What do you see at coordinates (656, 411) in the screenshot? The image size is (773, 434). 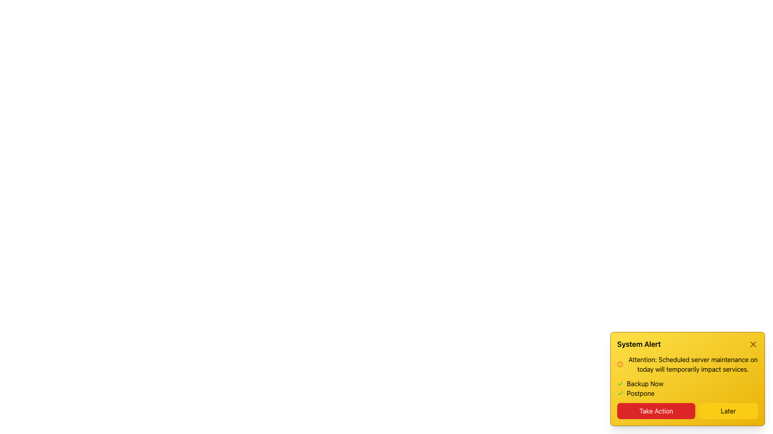 I see `the leftmost red button labeled 'Take Action' located at the bottom of a yellow notification card` at bounding box center [656, 411].